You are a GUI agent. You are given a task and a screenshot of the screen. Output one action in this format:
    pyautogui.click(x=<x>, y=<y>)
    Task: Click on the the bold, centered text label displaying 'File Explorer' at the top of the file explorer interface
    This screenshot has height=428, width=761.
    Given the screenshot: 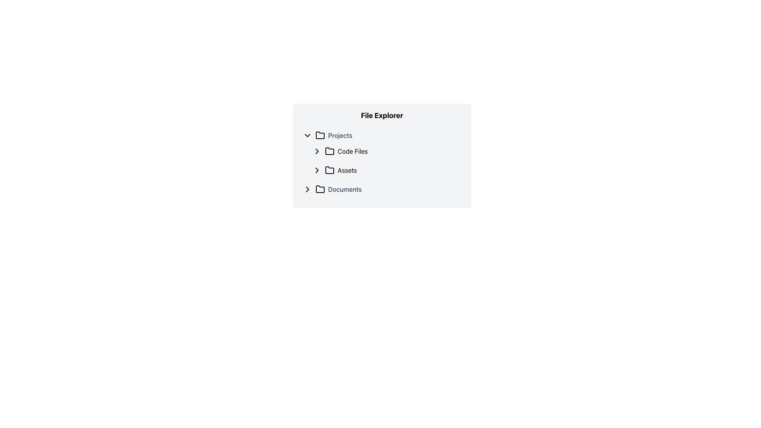 What is the action you would take?
    pyautogui.click(x=382, y=116)
    